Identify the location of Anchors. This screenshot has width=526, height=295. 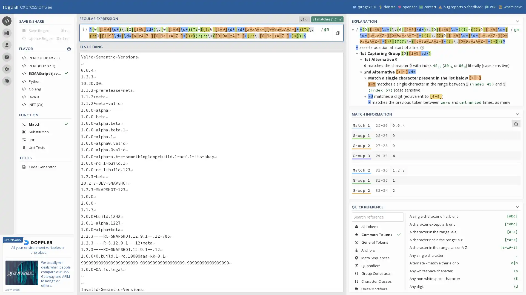
(377, 250).